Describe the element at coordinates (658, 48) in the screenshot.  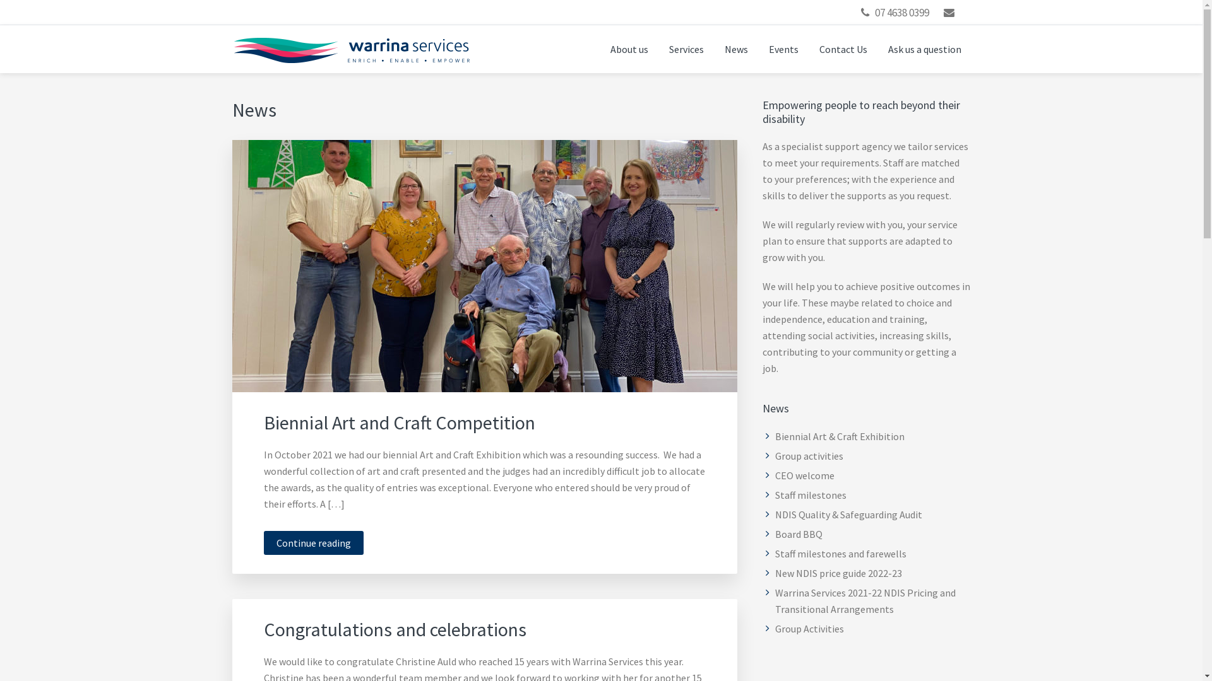
I see `'Services'` at that location.